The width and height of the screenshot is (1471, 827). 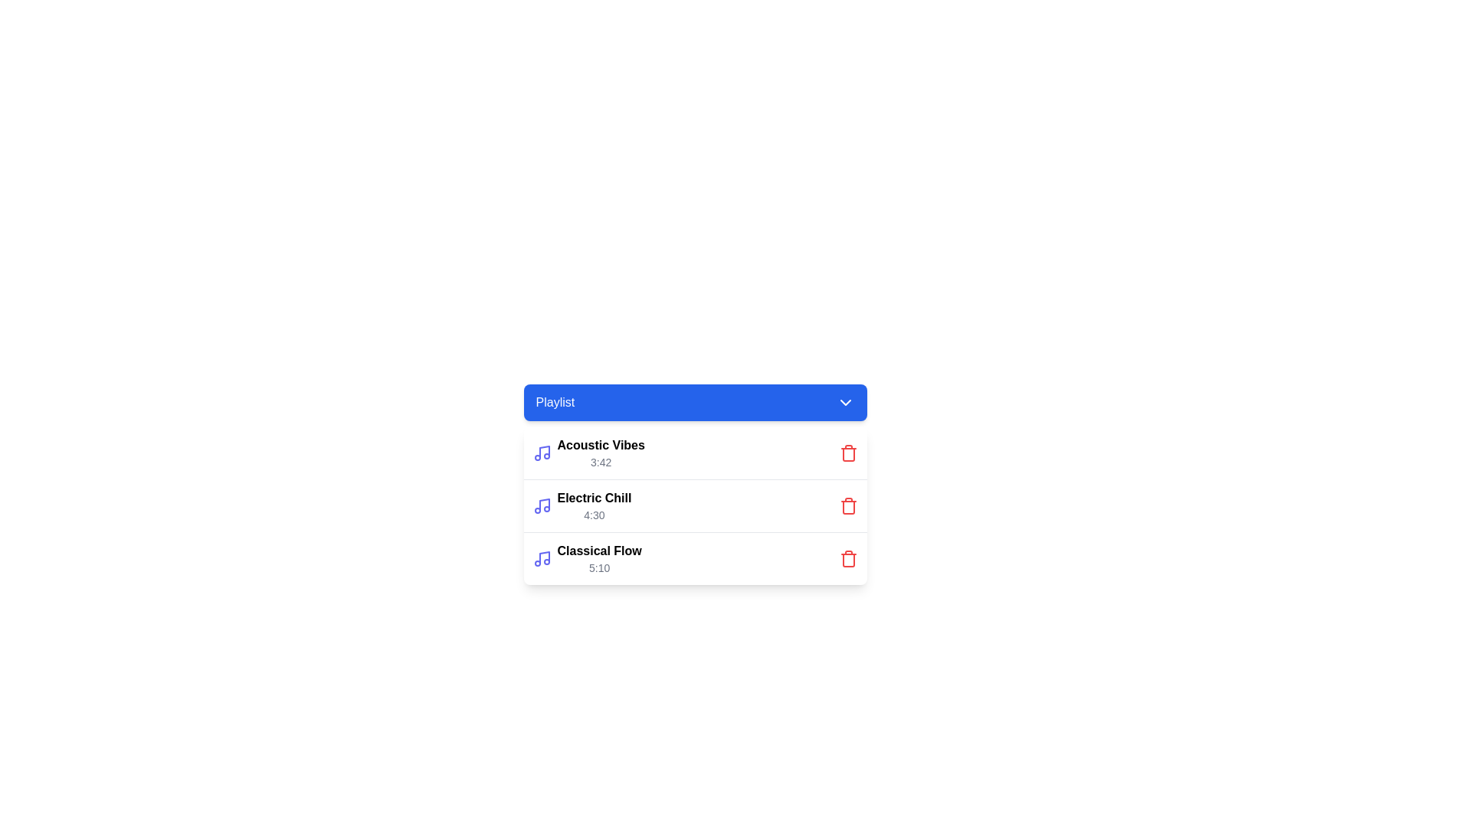 What do you see at coordinates (598, 567) in the screenshot?
I see `the text label displaying the duration of the song 'Classical Flow', located directly beneath the song title in the playlist view` at bounding box center [598, 567].